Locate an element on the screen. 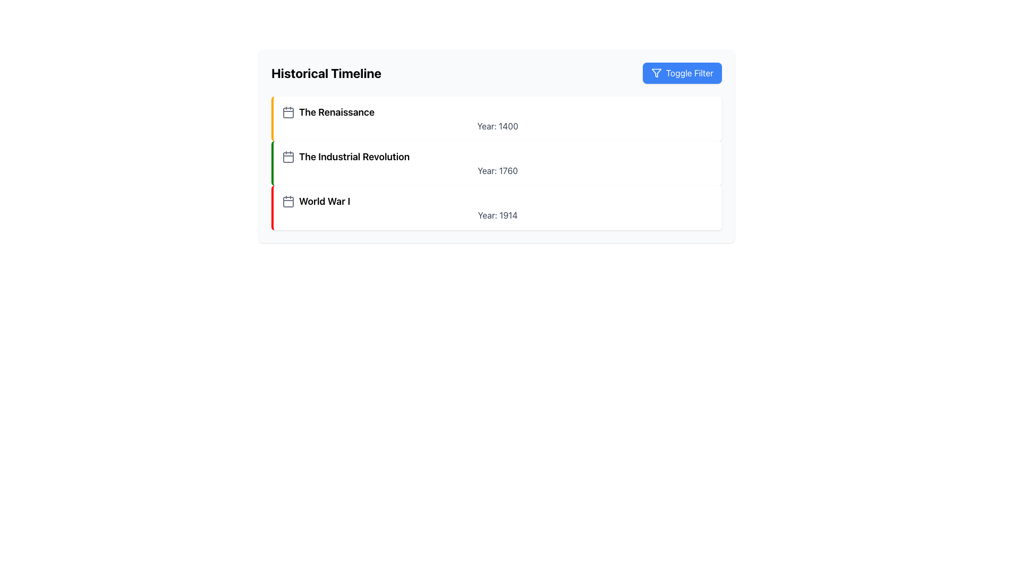 This screenshot has width=1020, height=573. the body area of the calendar icon representing 'The Industrial Revolution' in the historical timeline, which is a vector graphic component of an SVG icon is located at coordinates (288, 158).